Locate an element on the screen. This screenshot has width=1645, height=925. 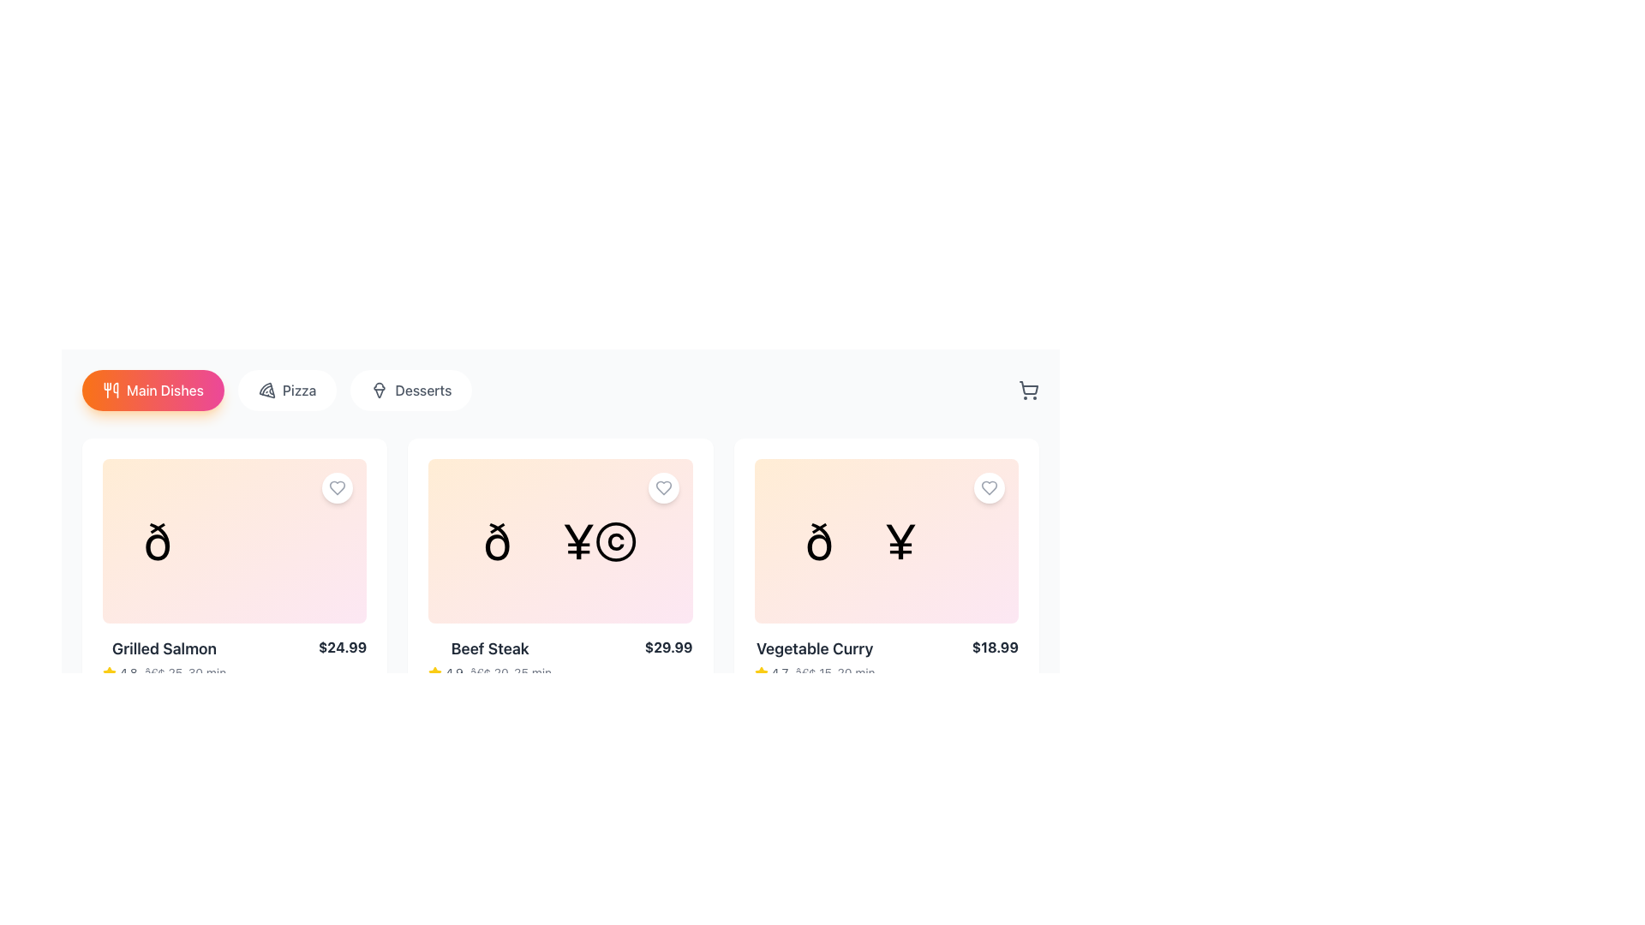
the first card in the grid of food items located beneath the 'Main Dishes' section is located at coordinates (234, 591).